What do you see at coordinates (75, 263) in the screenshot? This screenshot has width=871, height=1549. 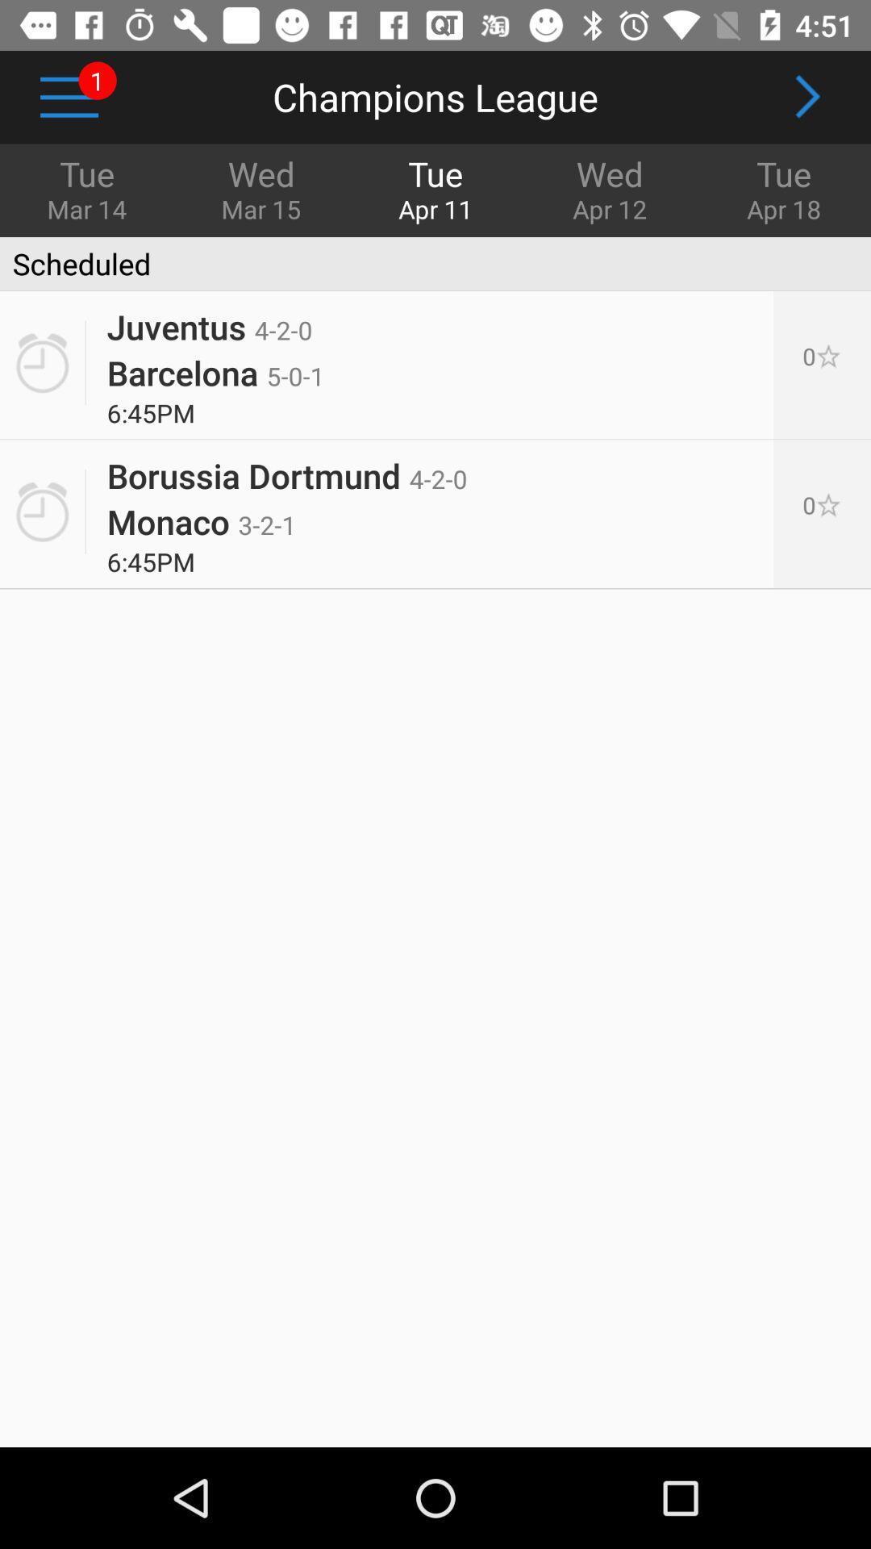 I see `item above juventus 4 2 icon` at bounding box center [75, 263].